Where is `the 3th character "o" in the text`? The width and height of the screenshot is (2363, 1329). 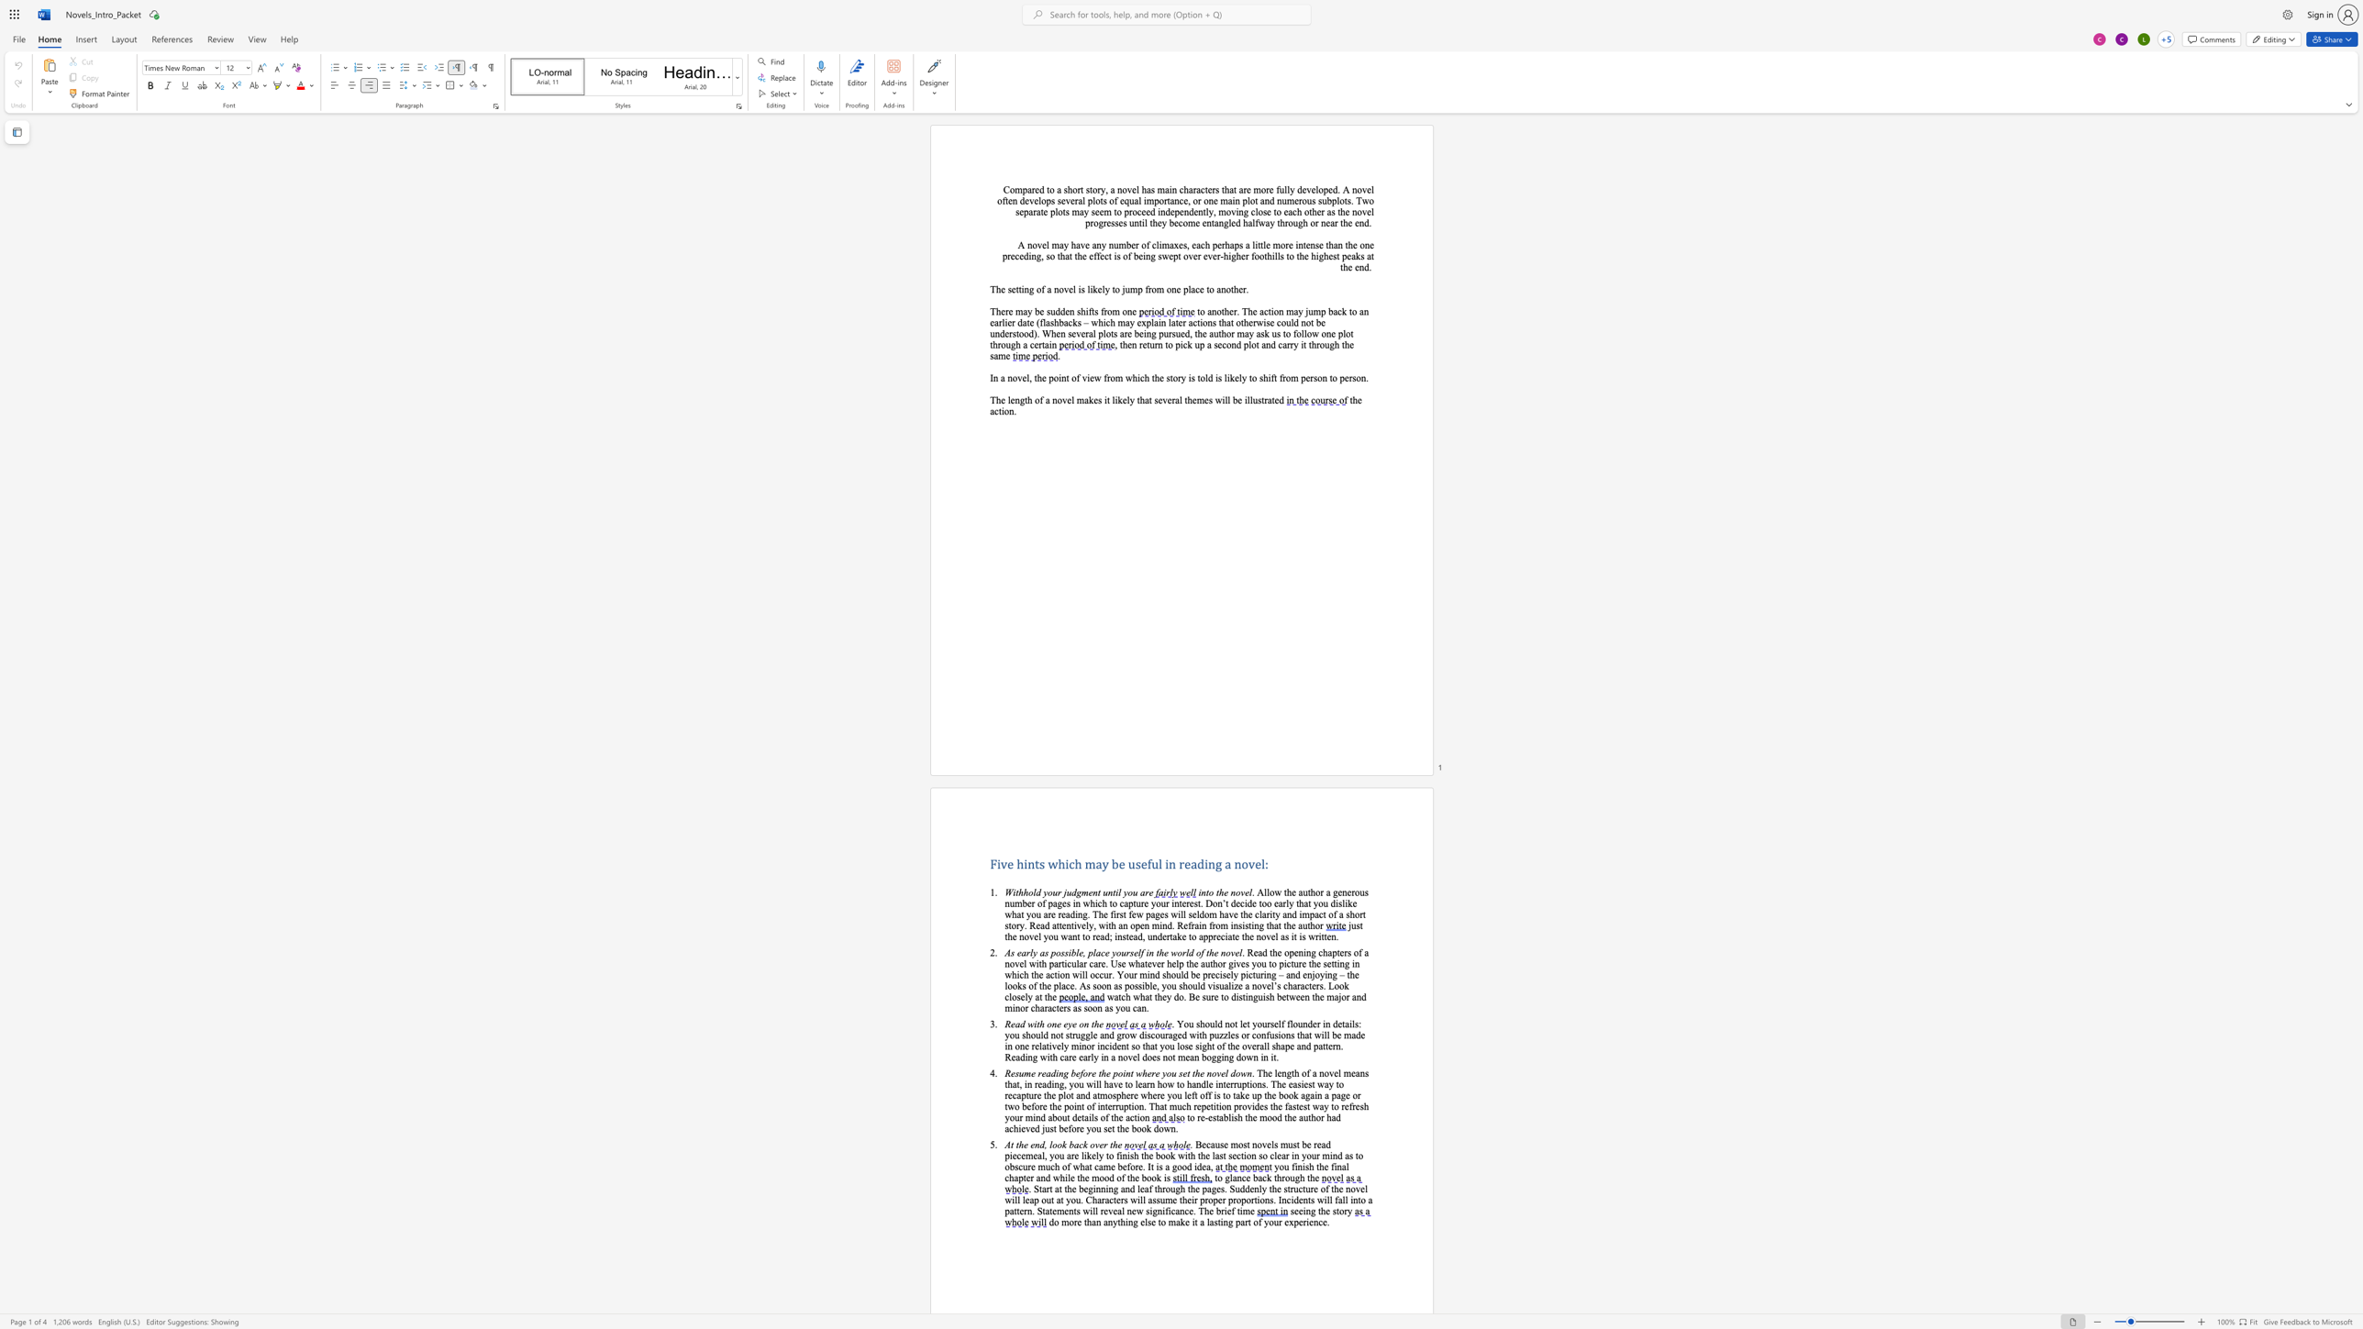
the 3th character "o" in the text is located at coordinates (1059, 211).